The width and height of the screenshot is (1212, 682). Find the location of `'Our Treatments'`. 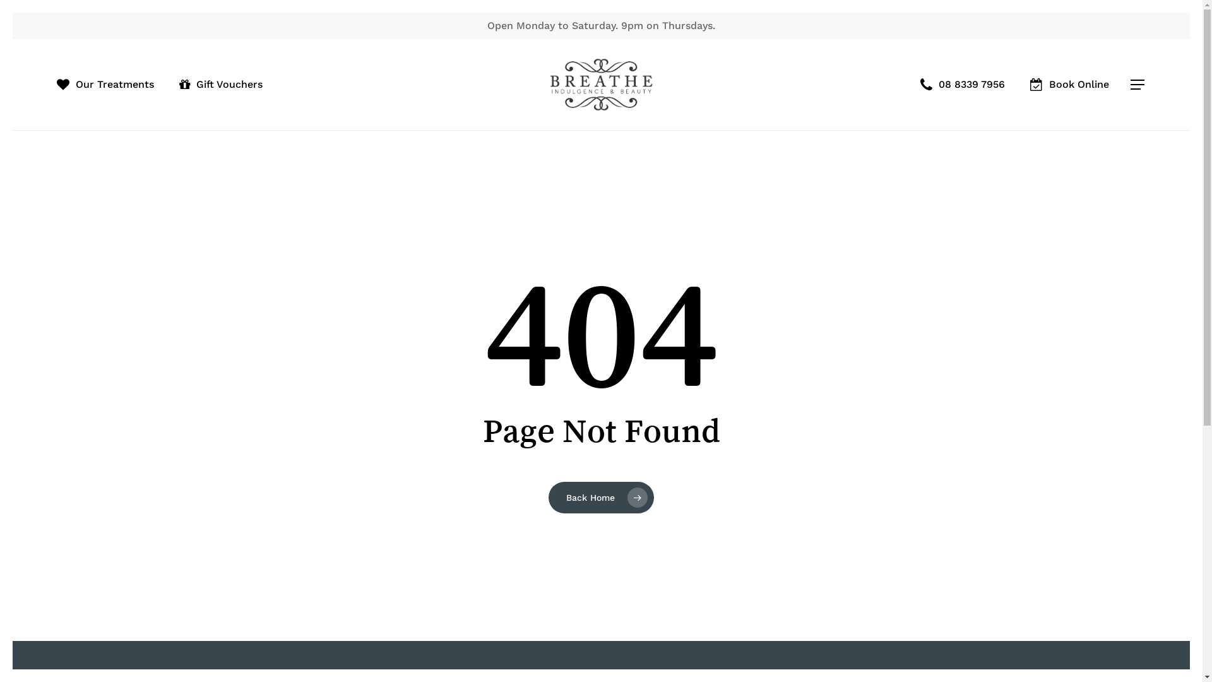

'Our Treatments' is located at coordinates (105, 85).